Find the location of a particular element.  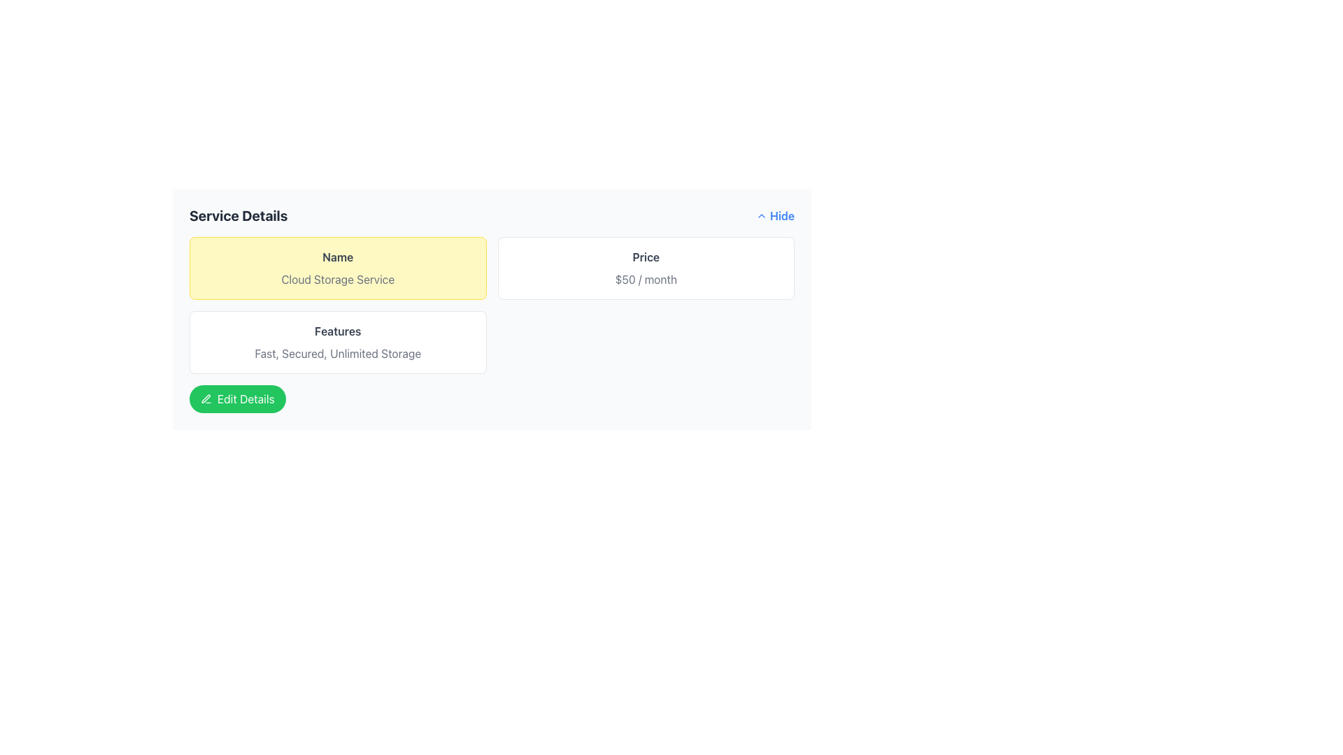

the blue 'Hide' button with a bold font, located in the top-right corner of the 'Service Details' section is located at coordinates (774, 215).